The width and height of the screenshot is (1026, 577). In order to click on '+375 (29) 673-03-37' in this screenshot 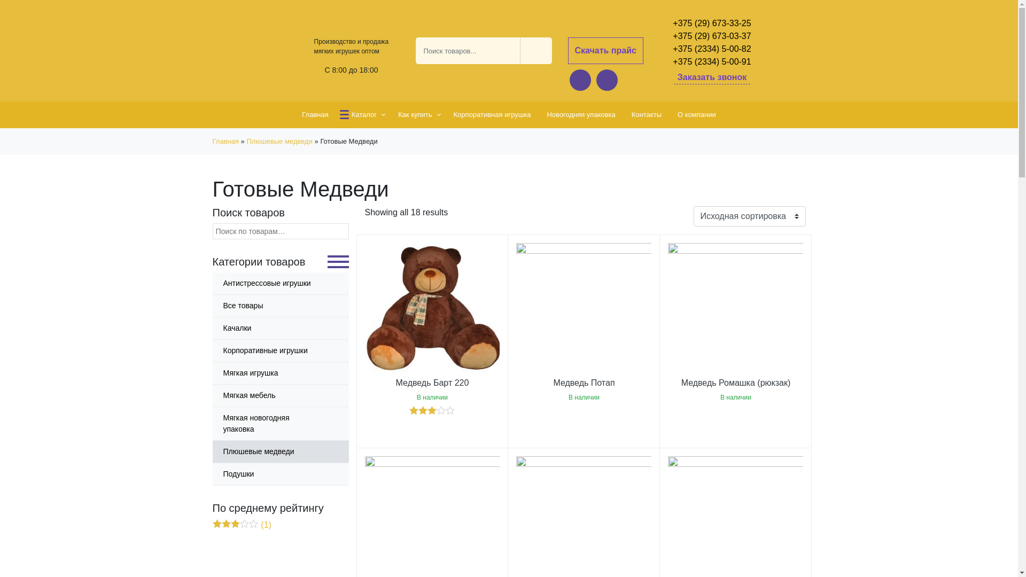, I will do `click(712, 36)`.